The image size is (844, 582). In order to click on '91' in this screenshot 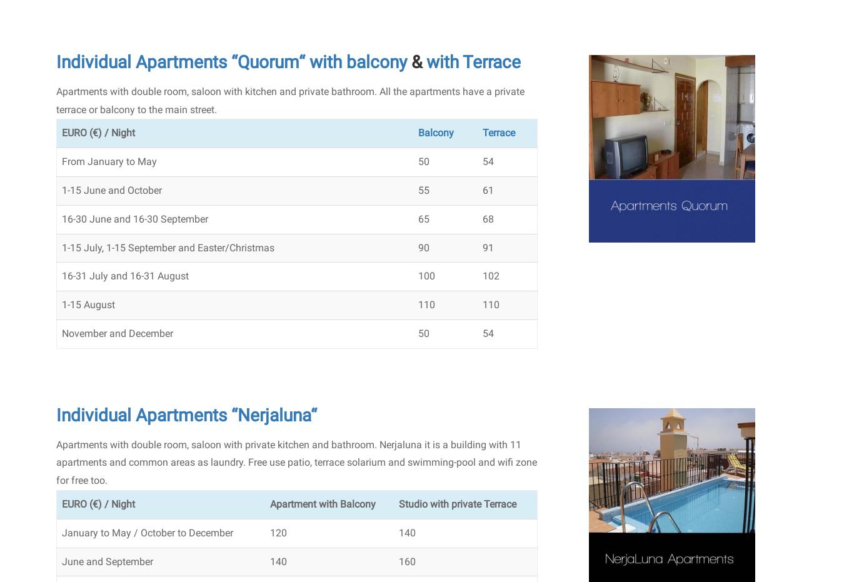, I will do `click(487, 247)`.